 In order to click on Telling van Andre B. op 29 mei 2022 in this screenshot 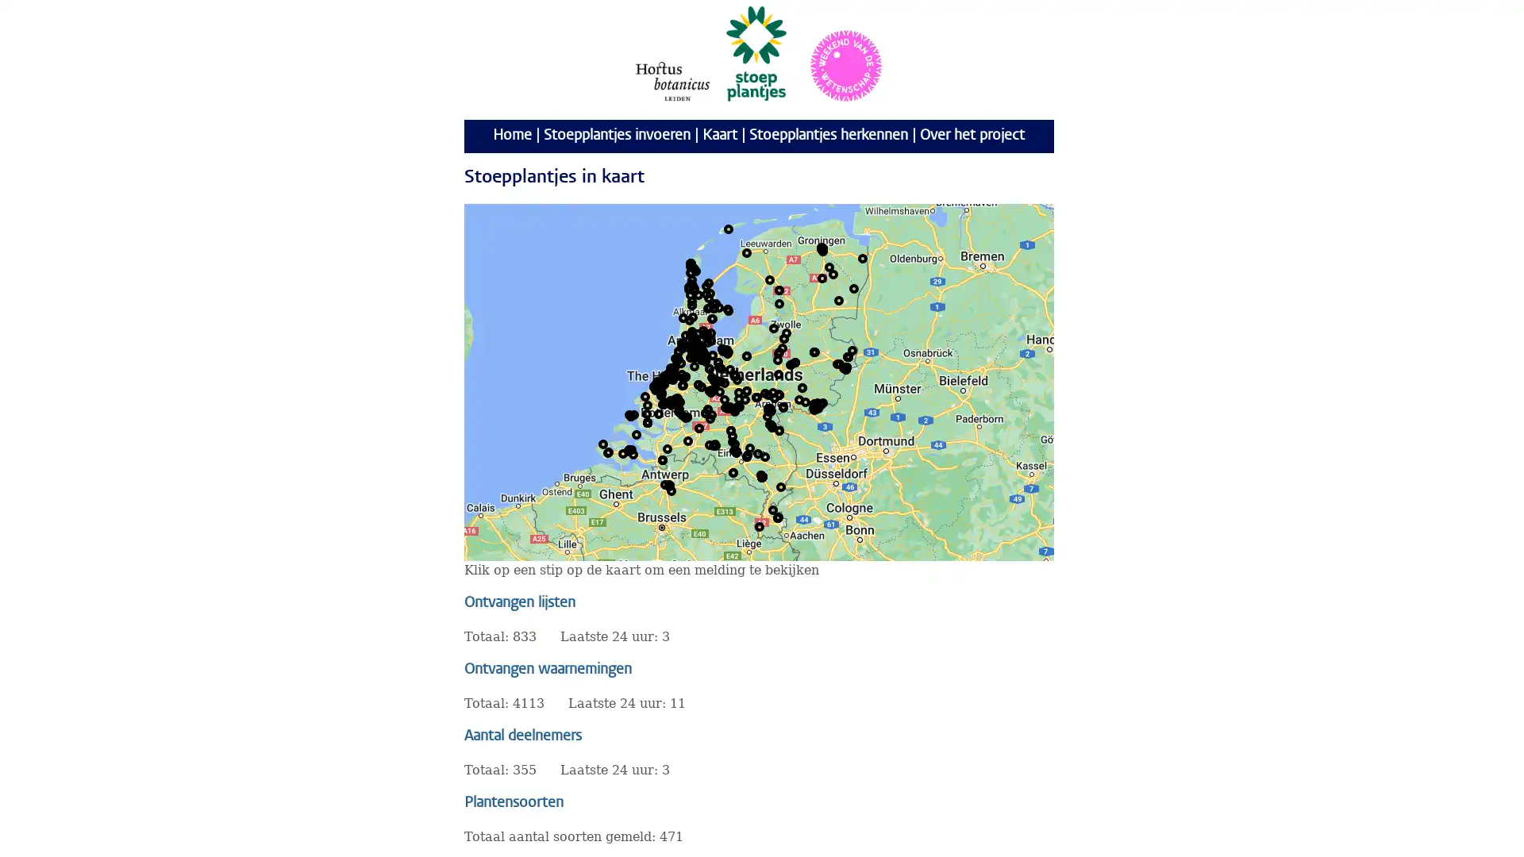, I will do `click(670, 373)`.